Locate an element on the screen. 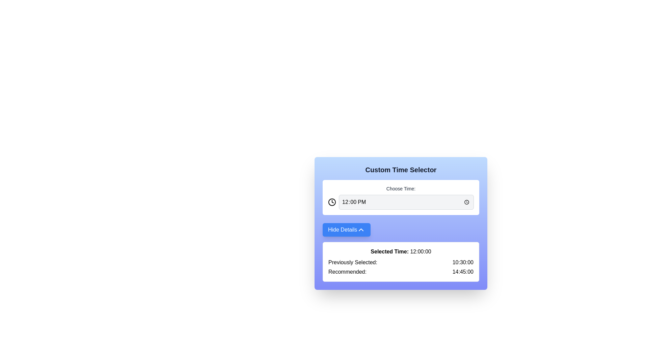  the time icon located on the left side of the time input field, which visually represents the concept of time is located at coordinates (332, 202).